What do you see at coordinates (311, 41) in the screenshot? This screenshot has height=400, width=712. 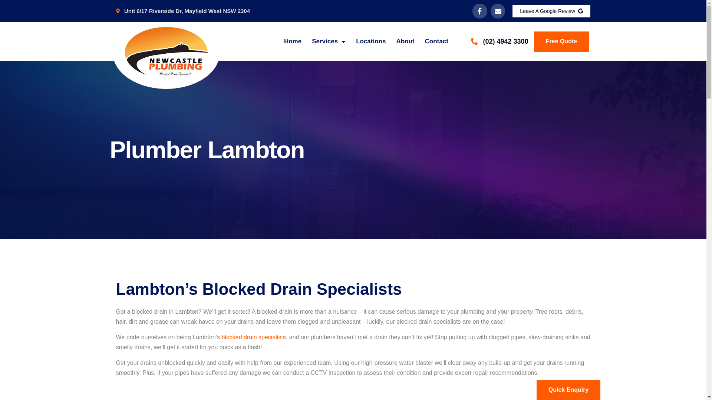 I see `'Services'` at bounding box center [311, 41].